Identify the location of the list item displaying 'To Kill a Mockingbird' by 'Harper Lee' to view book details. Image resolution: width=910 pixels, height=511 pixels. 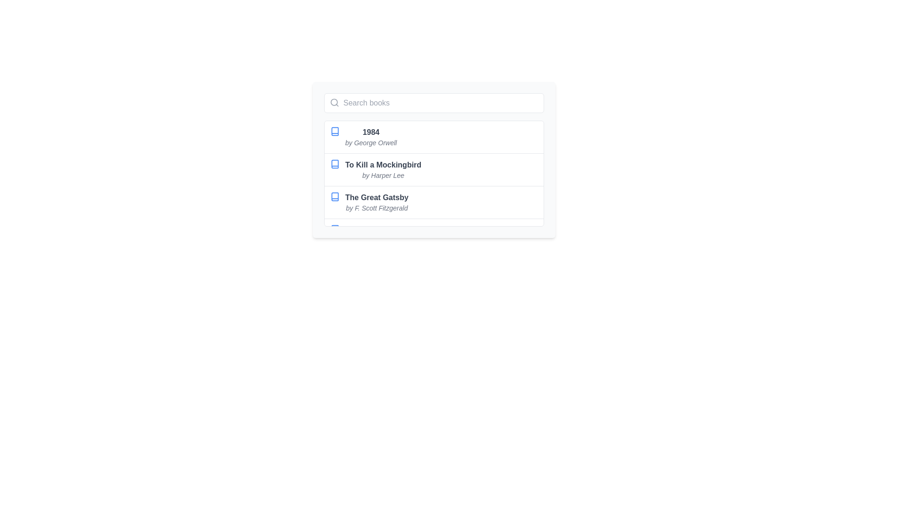
(383, 169).